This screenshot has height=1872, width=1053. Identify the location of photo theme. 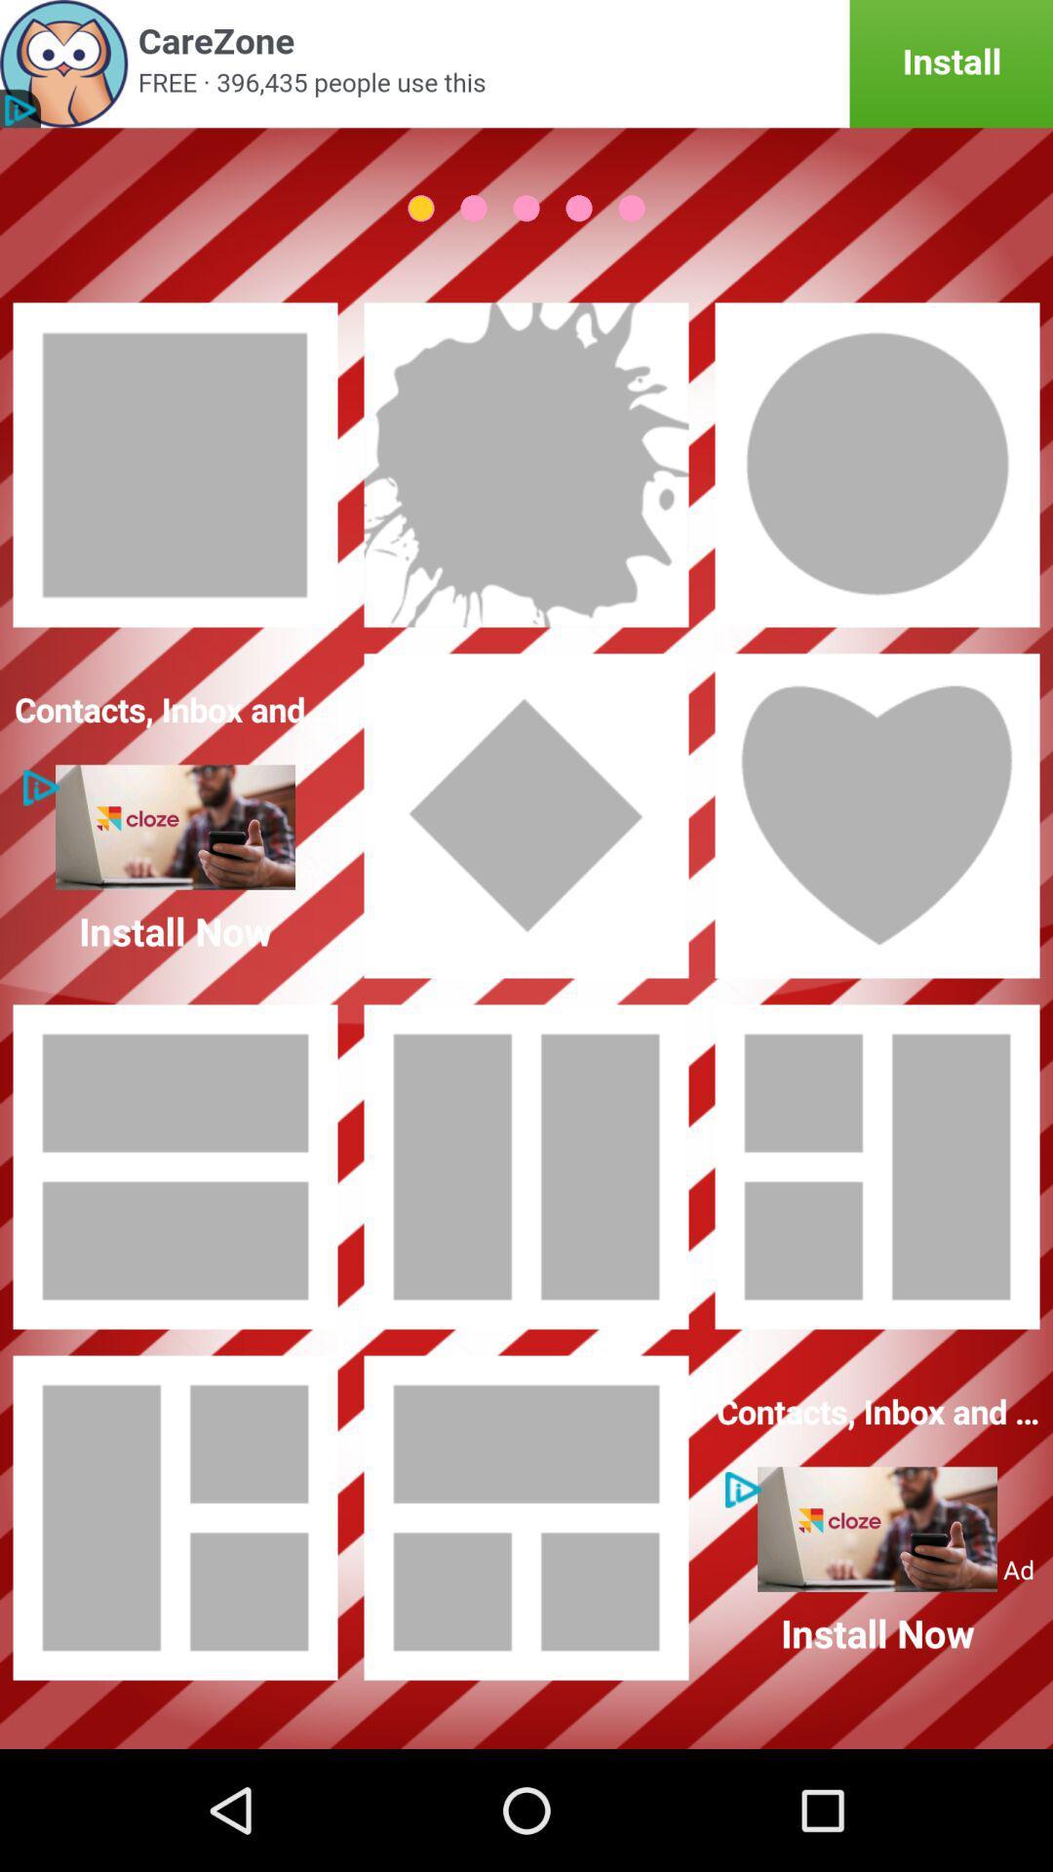
(526, 1166).